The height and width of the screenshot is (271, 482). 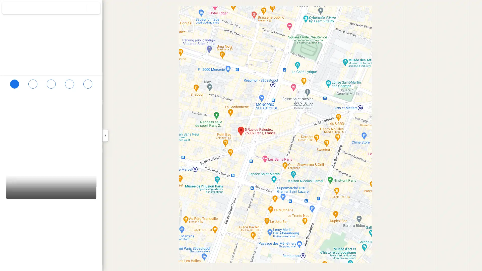 What do you see at coordinates (14, 86) in the screenshot?
I see `Directions to 5 Rue de Palestro` at bounding box center [14, 86].